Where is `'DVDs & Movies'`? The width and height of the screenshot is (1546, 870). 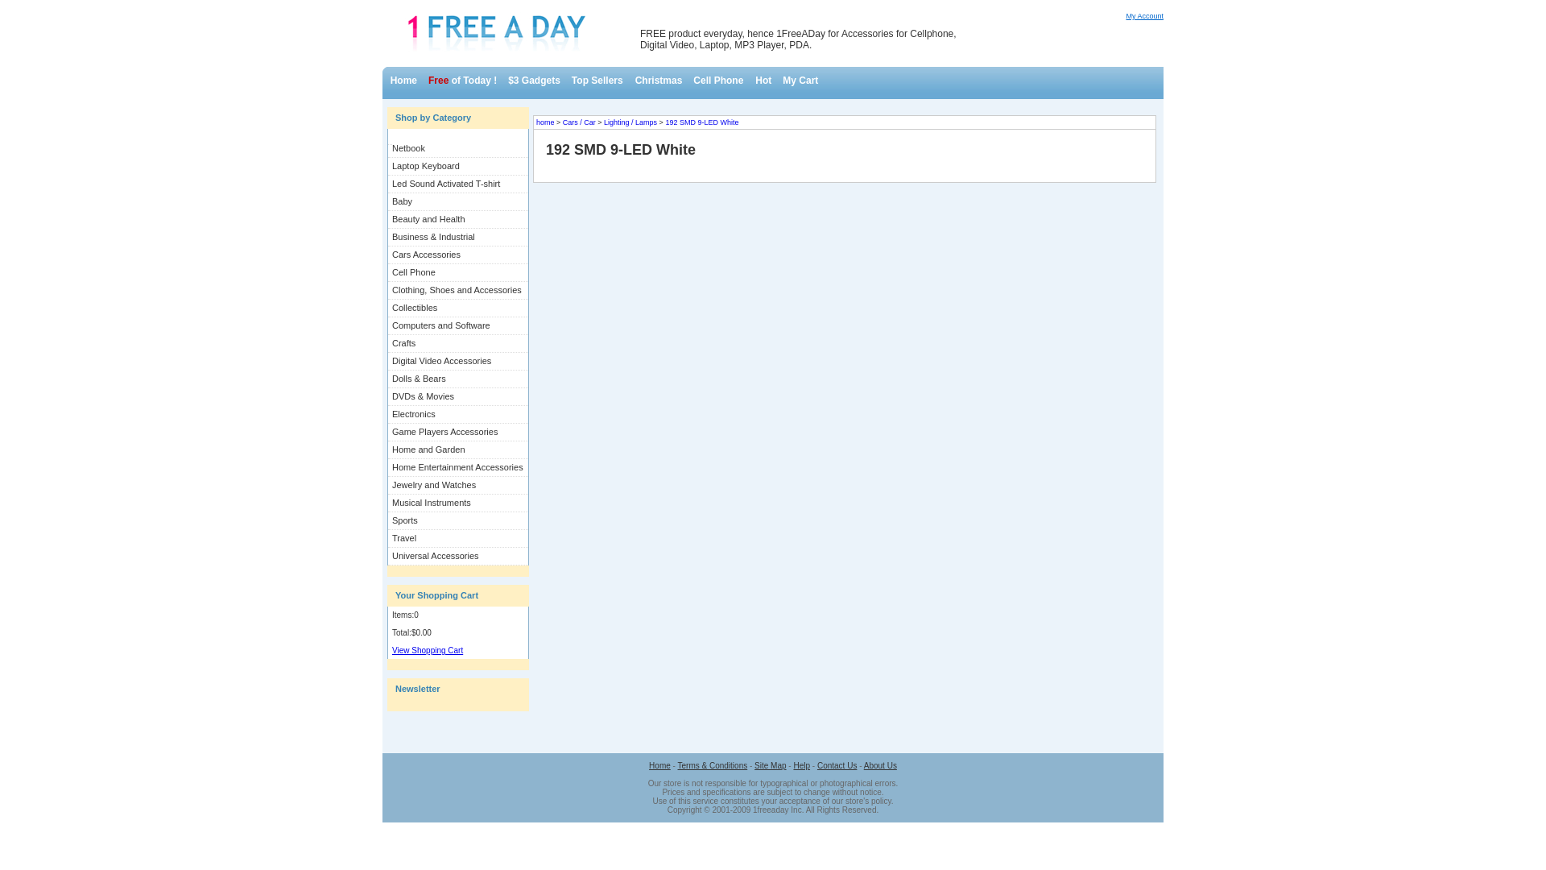
'DVDs & Movies' is located at coordinates (459, 396).